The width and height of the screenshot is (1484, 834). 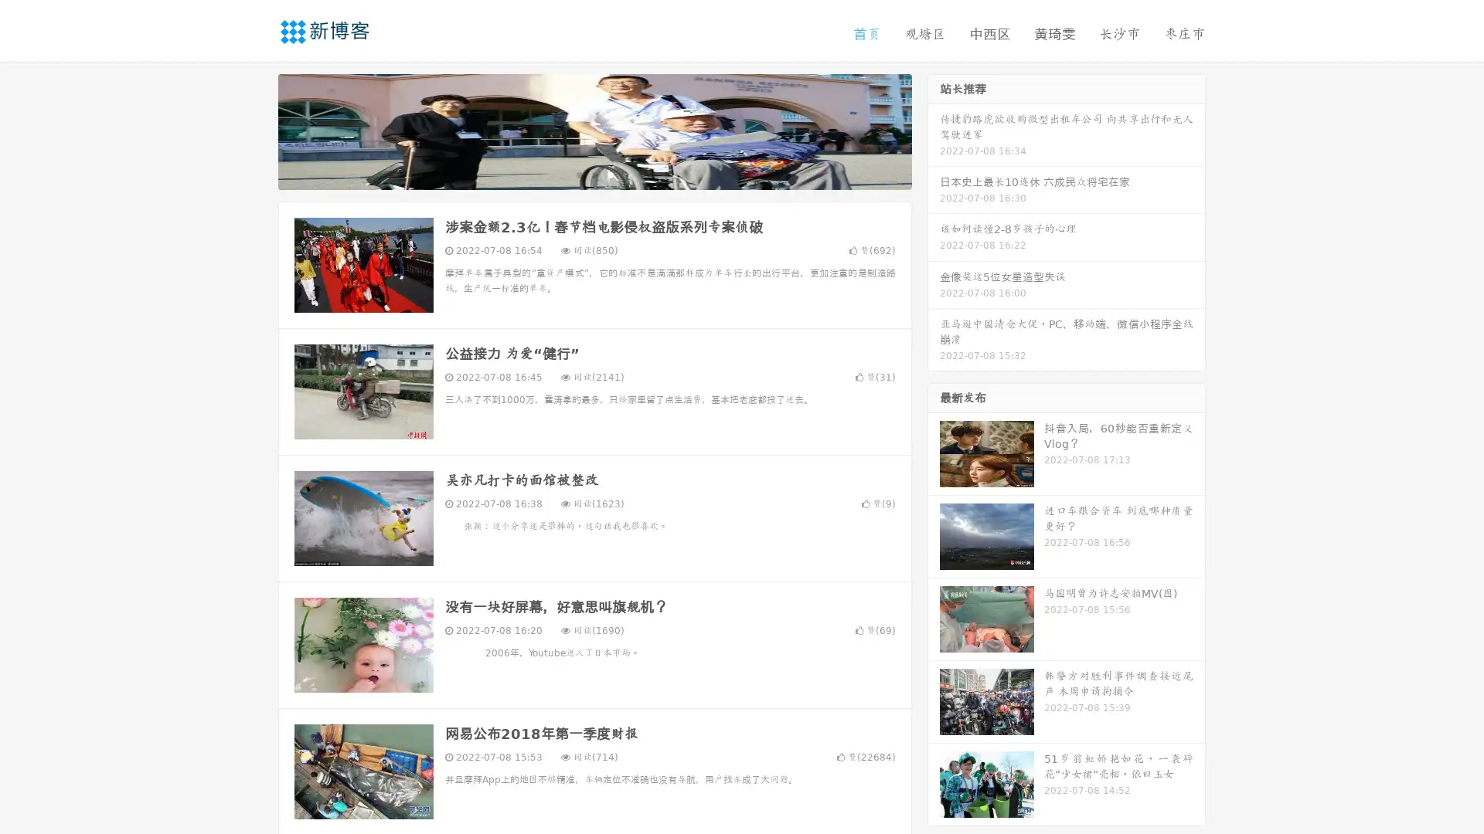 What do you see at coordinates (255, 130) in the screenshot?
I see `Previous slide` at bounding box center [255, 130].